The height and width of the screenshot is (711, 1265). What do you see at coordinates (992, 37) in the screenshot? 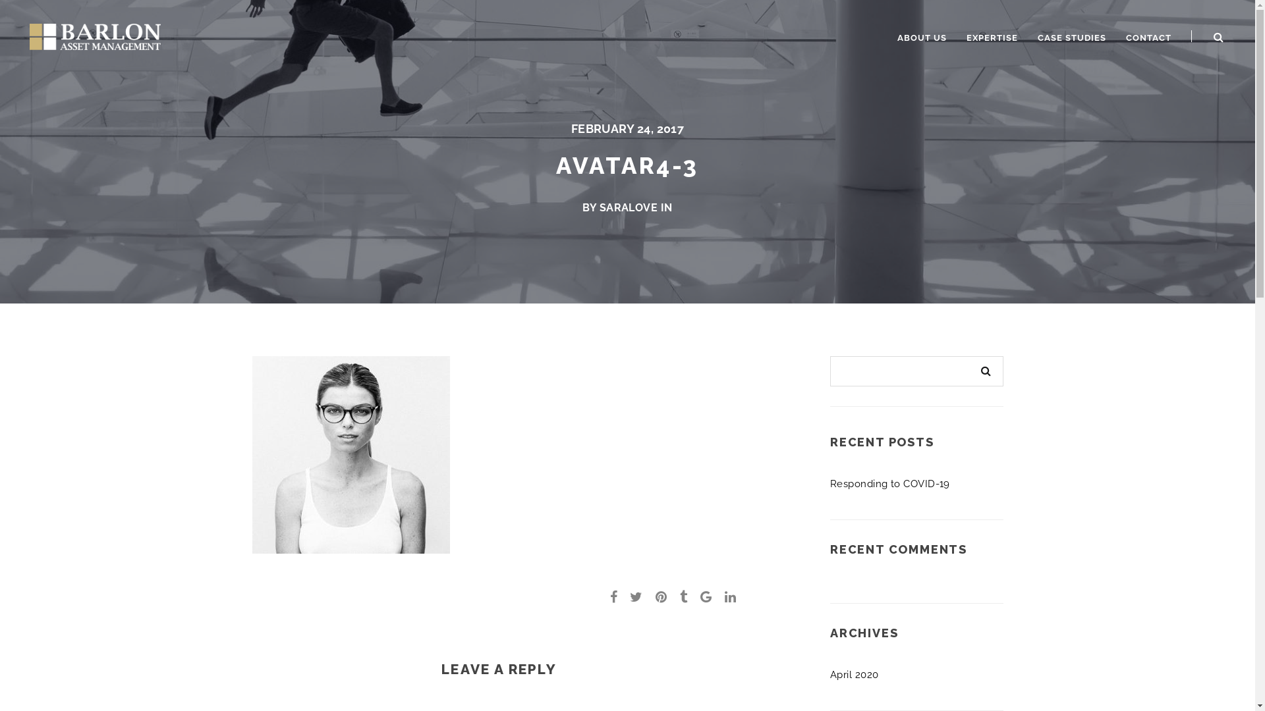
I see `'EXPERTISE'` at bounding box center [992, 37].